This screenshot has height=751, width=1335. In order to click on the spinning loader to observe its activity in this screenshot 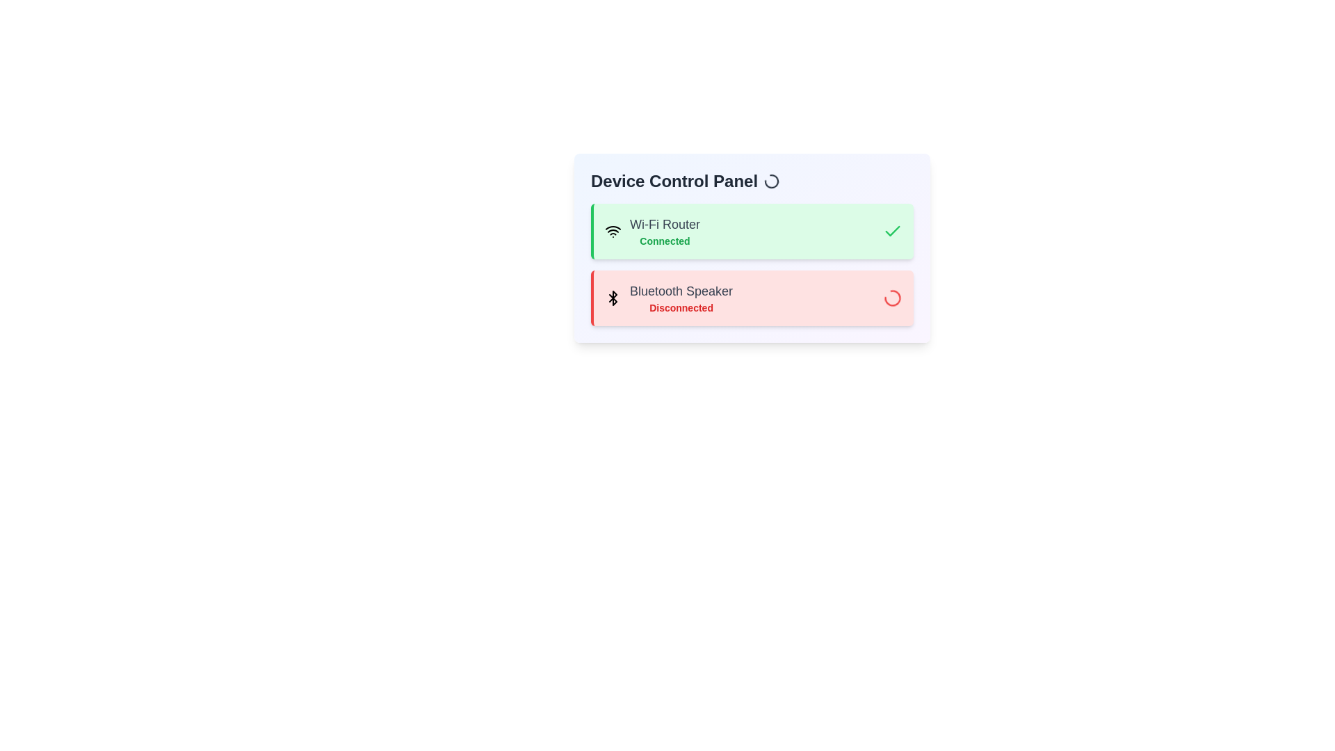, I will do `click(770, 181)`.